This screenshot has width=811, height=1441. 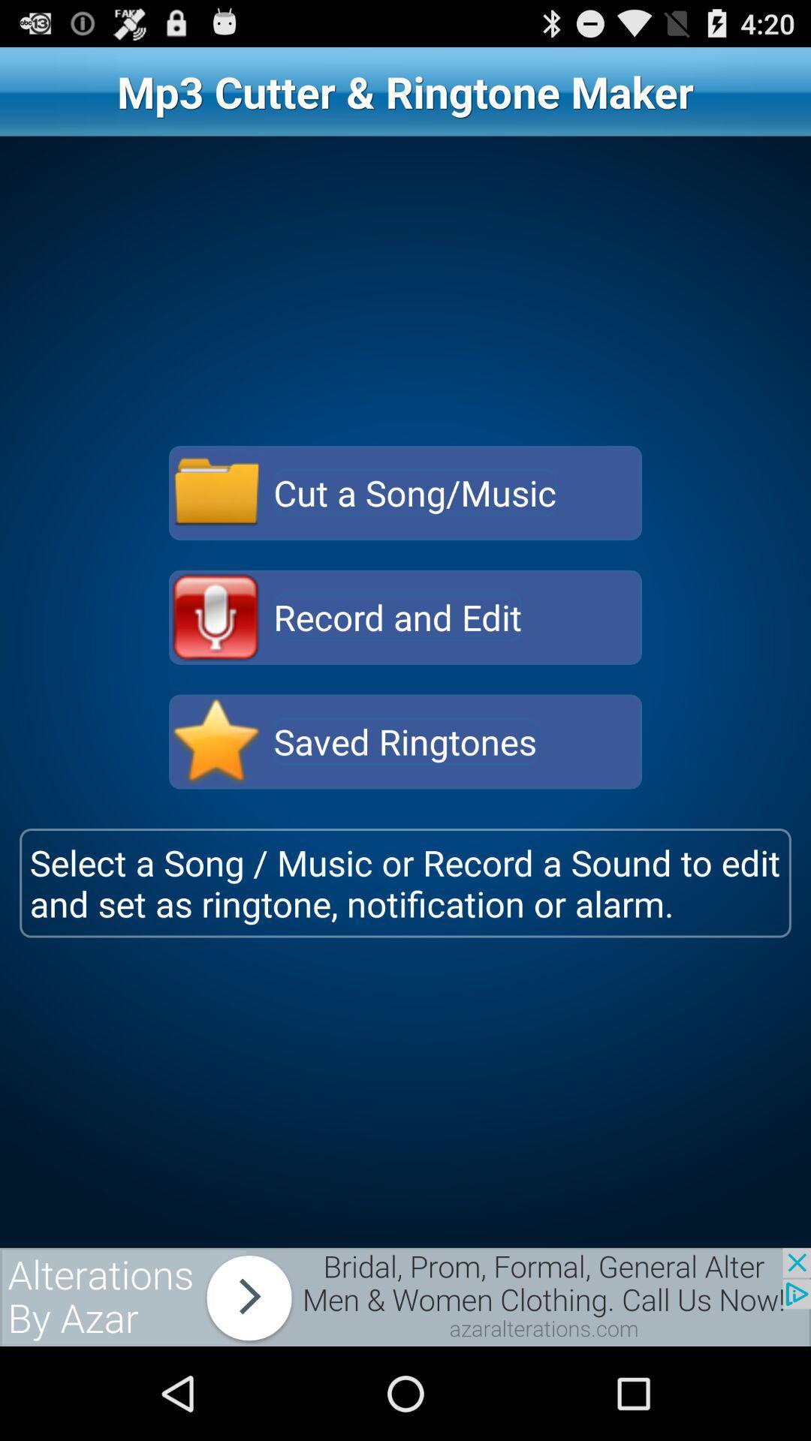 I want to click on button image, so click(x=216, y=617).